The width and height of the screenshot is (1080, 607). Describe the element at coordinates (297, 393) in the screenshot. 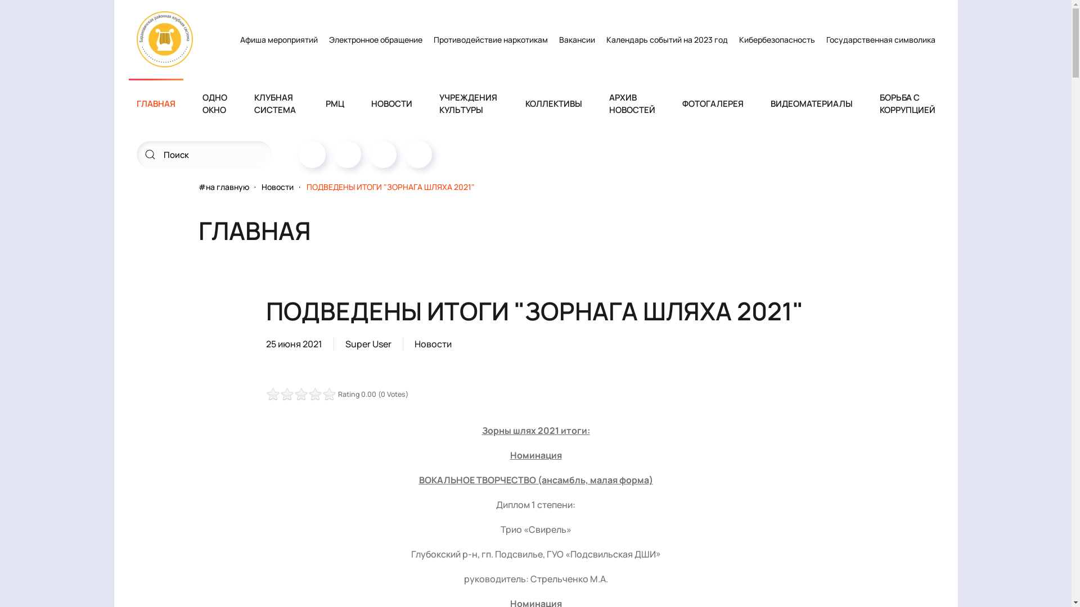

I see `'1'` at that location.